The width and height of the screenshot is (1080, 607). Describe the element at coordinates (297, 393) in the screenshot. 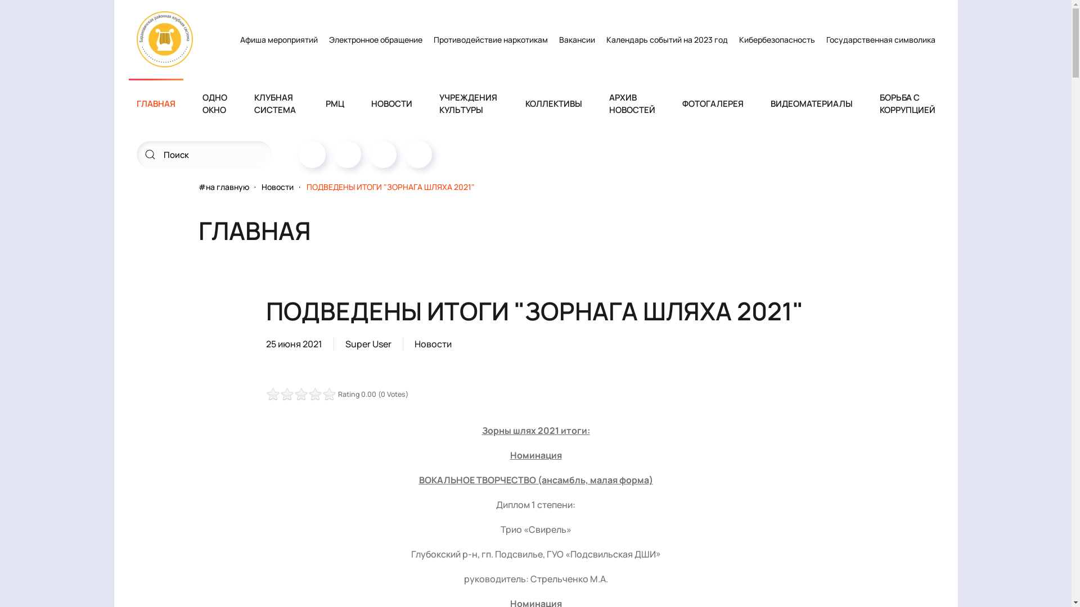

I see `'1'` at that location.